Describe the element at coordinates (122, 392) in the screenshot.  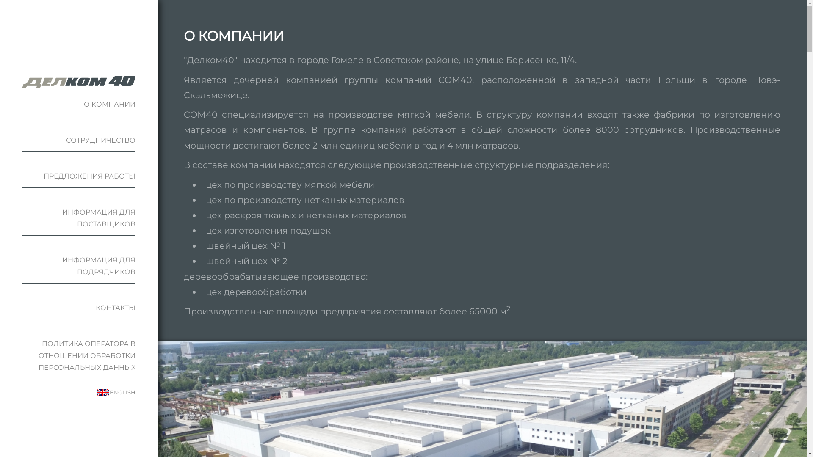
I see `'ENGLISH'` at that location.